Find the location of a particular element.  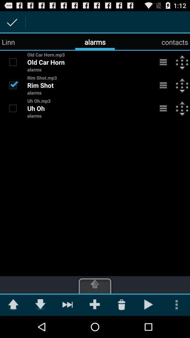

alarm sound is located at coordinates (13, 62).